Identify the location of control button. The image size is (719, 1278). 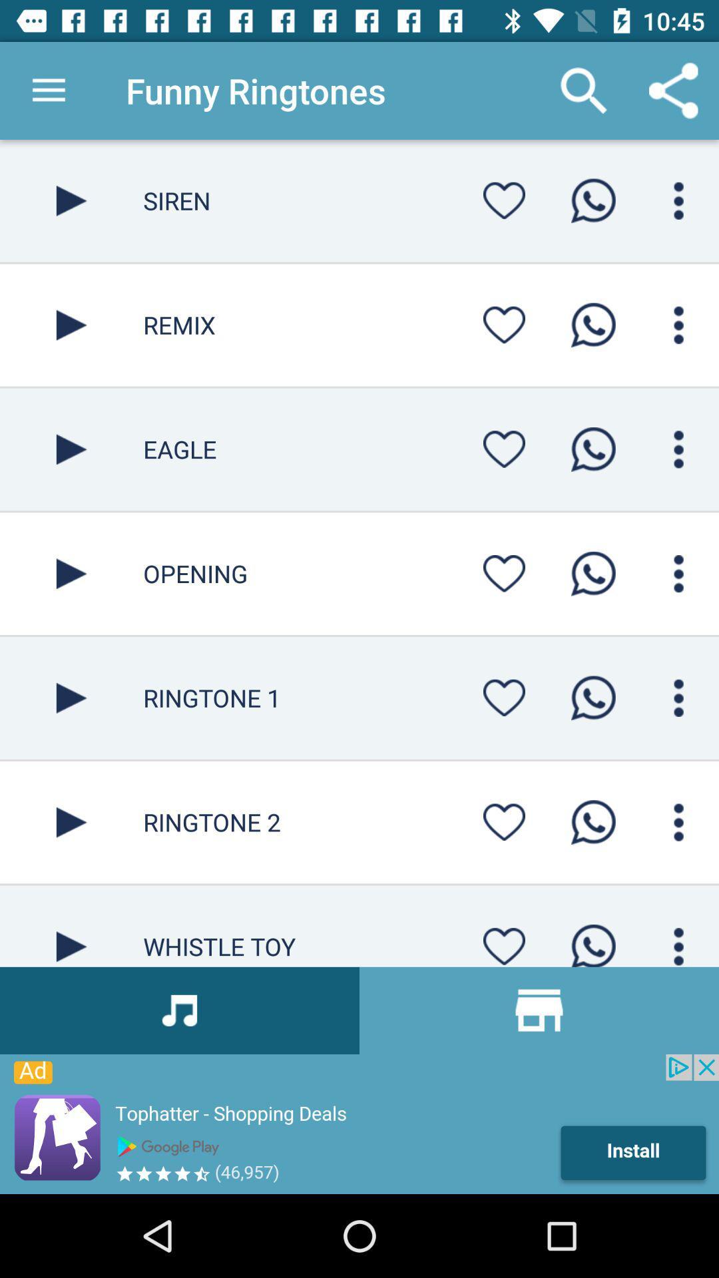
(678, 449).